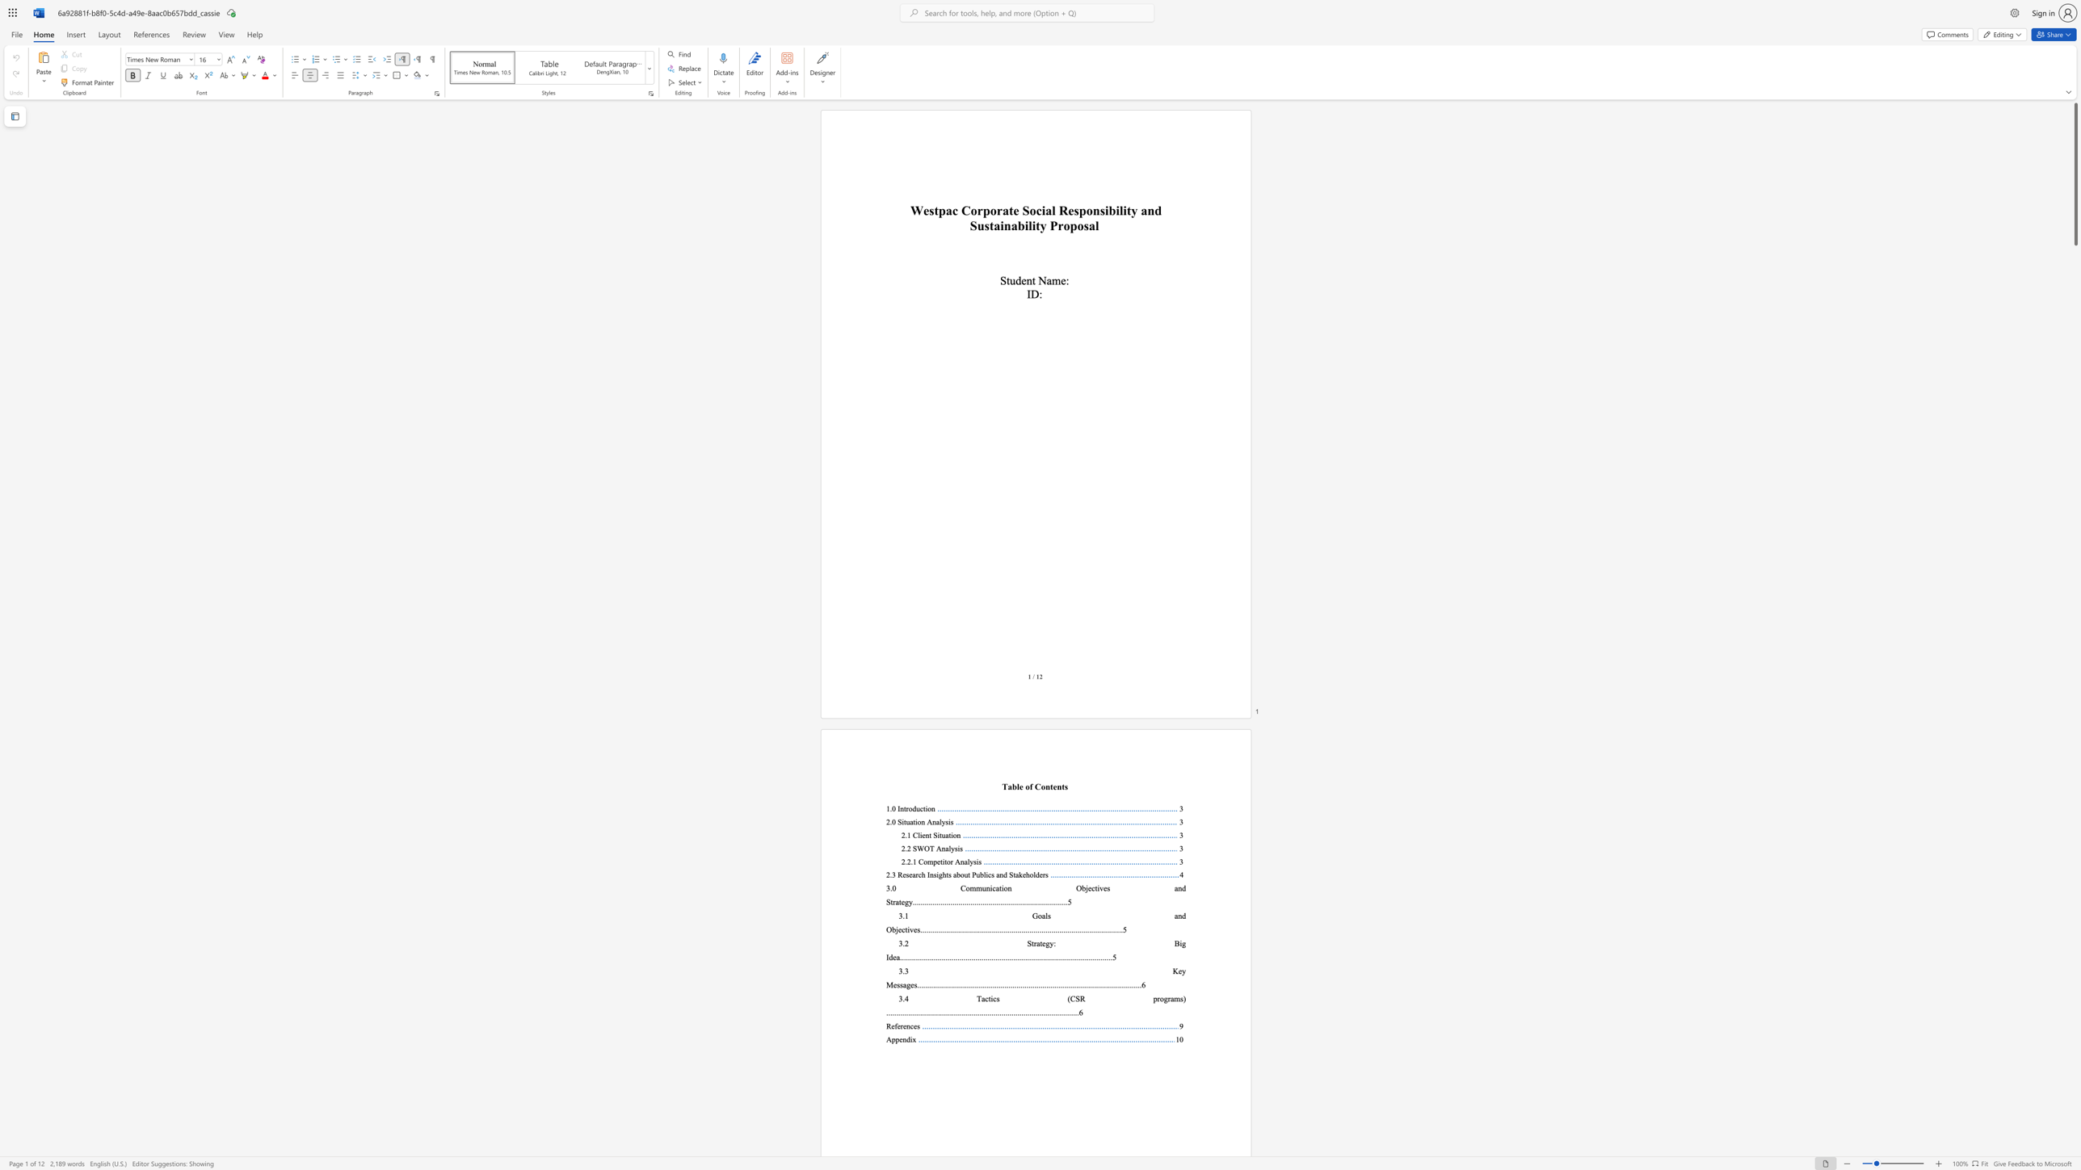  I want to click on the 1th character "s" in the text, so click(1108, 887).